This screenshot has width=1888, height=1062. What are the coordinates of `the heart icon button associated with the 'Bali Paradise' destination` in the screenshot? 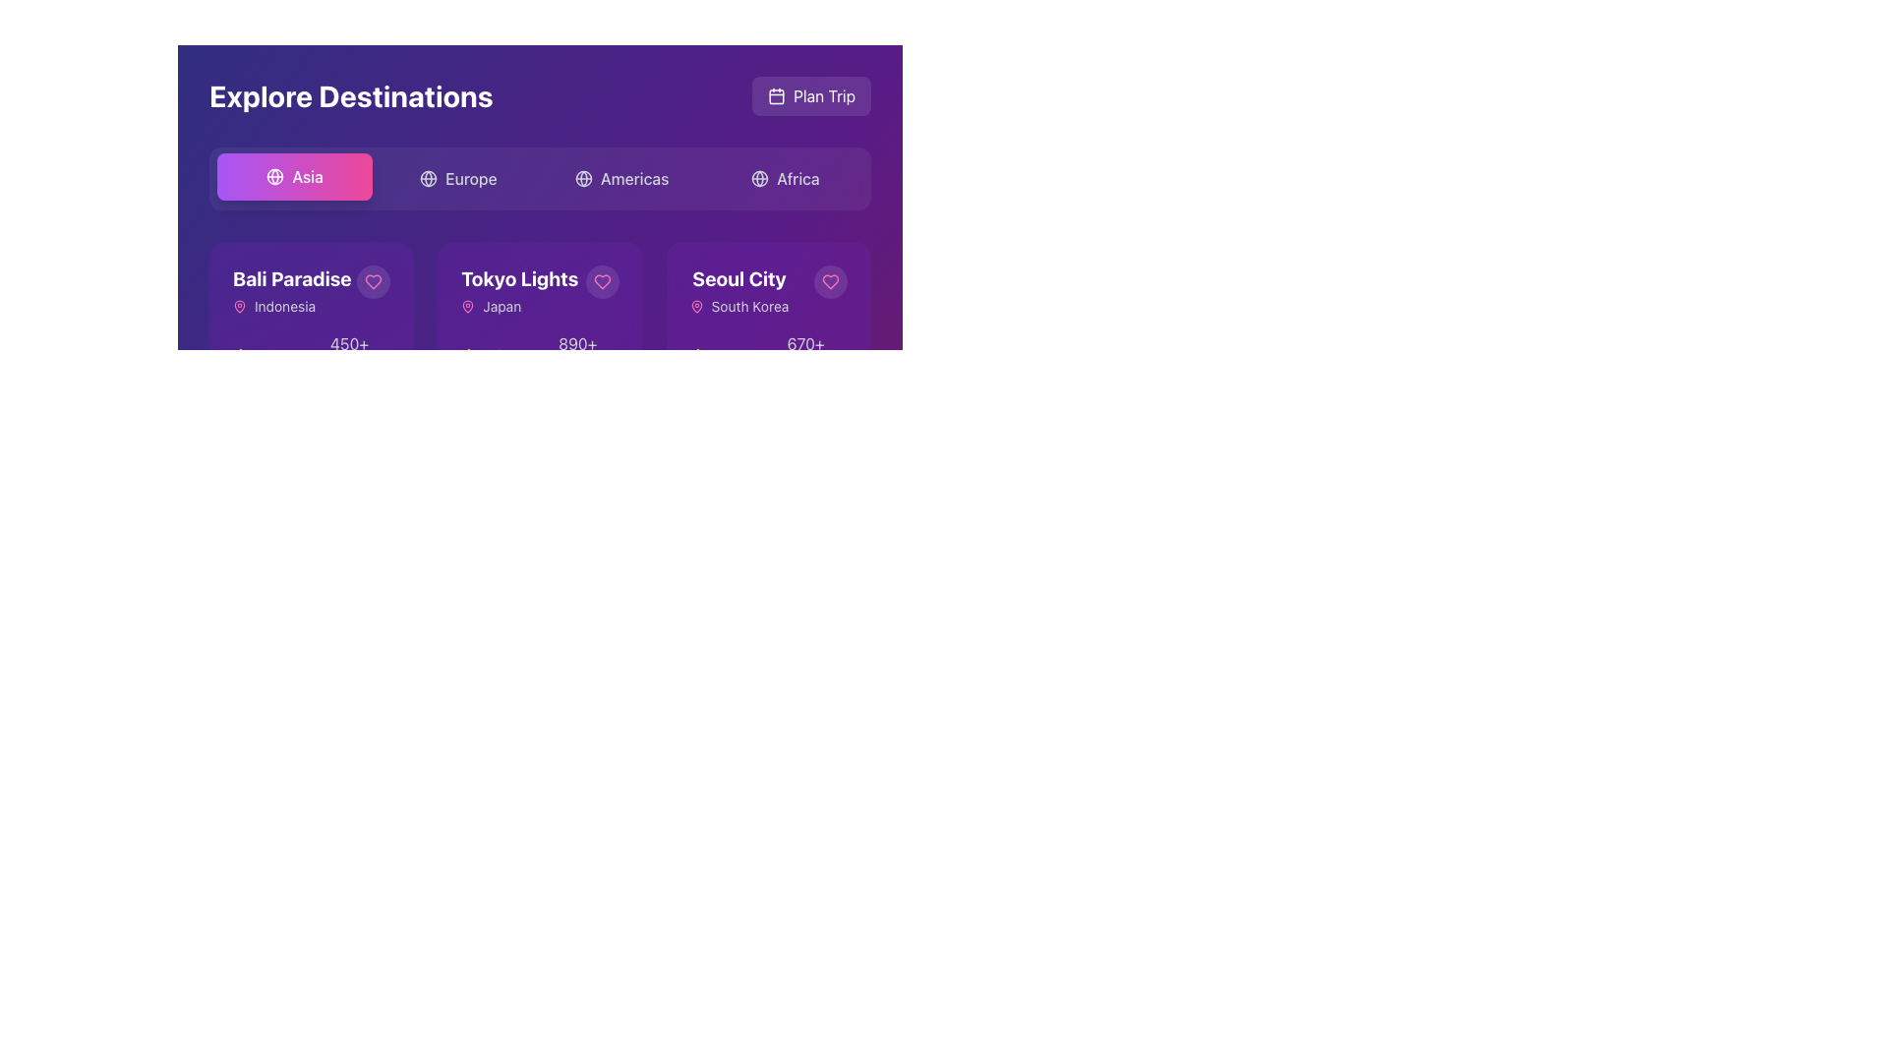 It's located at (374, 281).